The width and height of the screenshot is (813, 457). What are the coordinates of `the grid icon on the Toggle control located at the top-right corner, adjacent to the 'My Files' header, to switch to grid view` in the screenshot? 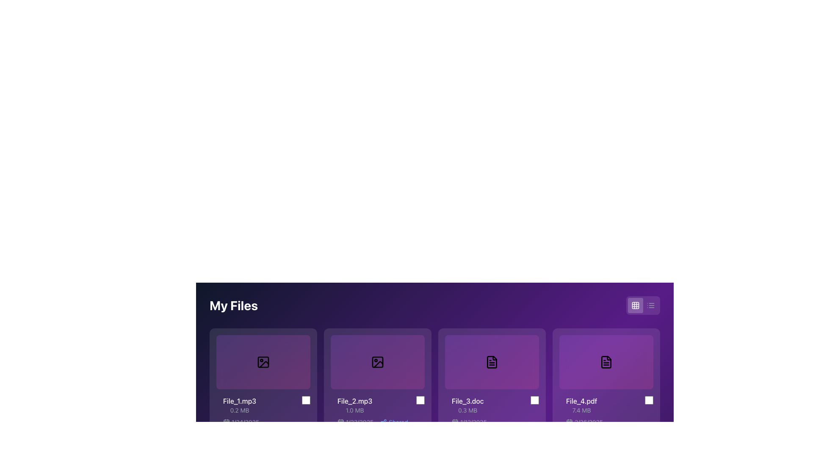 It's located at (643, 305).